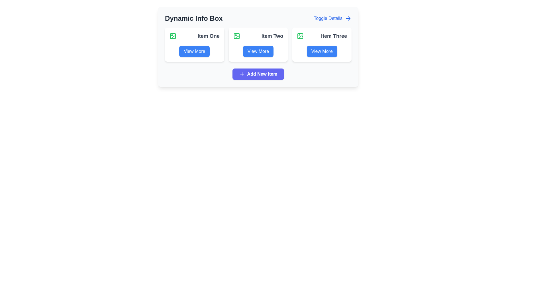 The width and height of the screenshot is (547, 307). I want to click on the visual representation of the SVG rectangle with rounded corners located in the 'Item One' card, positioned near the top-left corner of the card, so click(172, 36).